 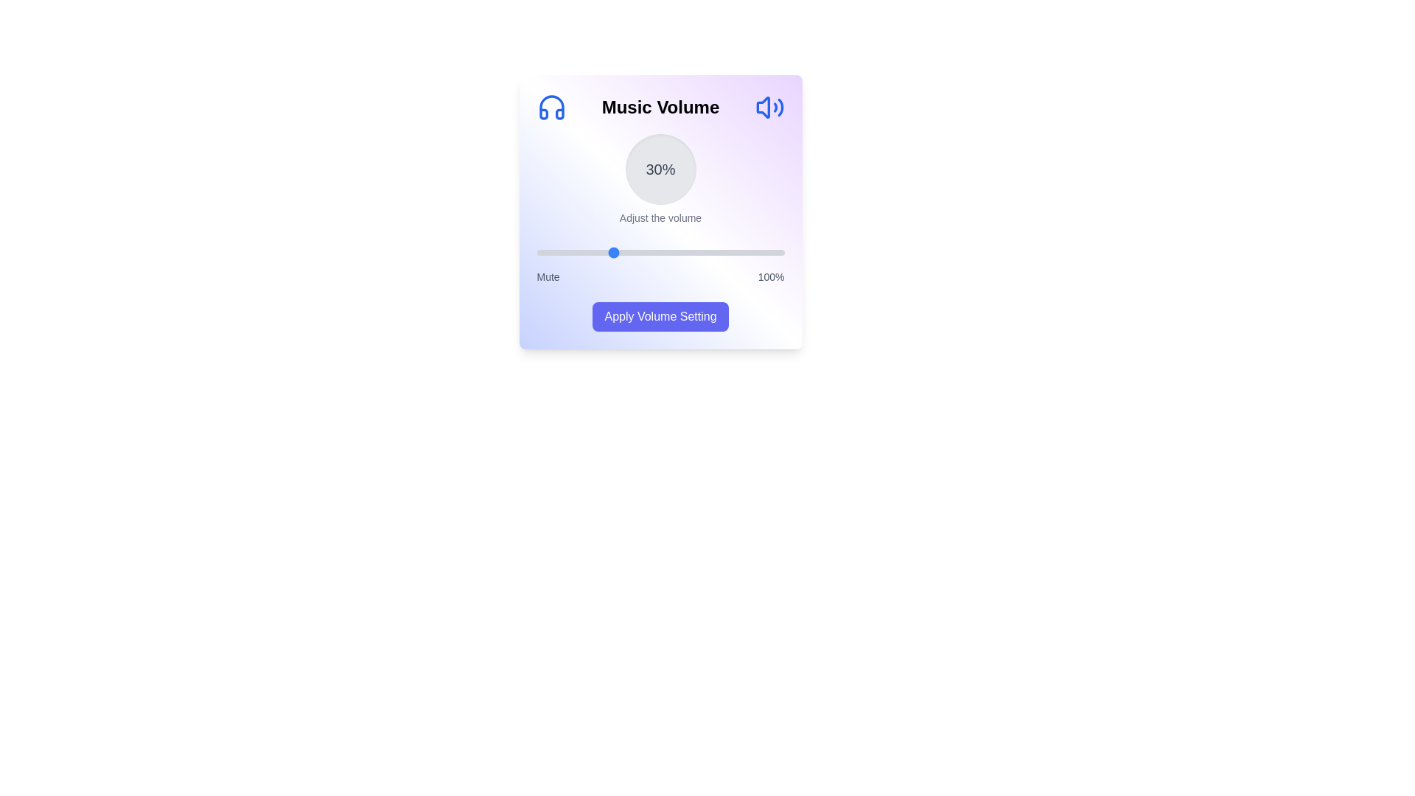 I want to click on the volume slider to 85%, so click(x=747, y=252).